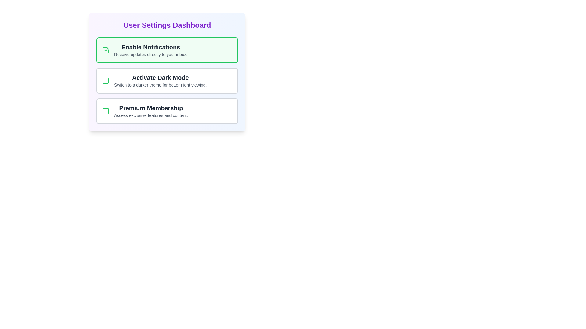 This screenshot has height=329, width=586. I want to click on the static text block that says 'Receive updates directly to your inbox.', which is positioned below the title 'Enable Notifications', so click(151, 54).